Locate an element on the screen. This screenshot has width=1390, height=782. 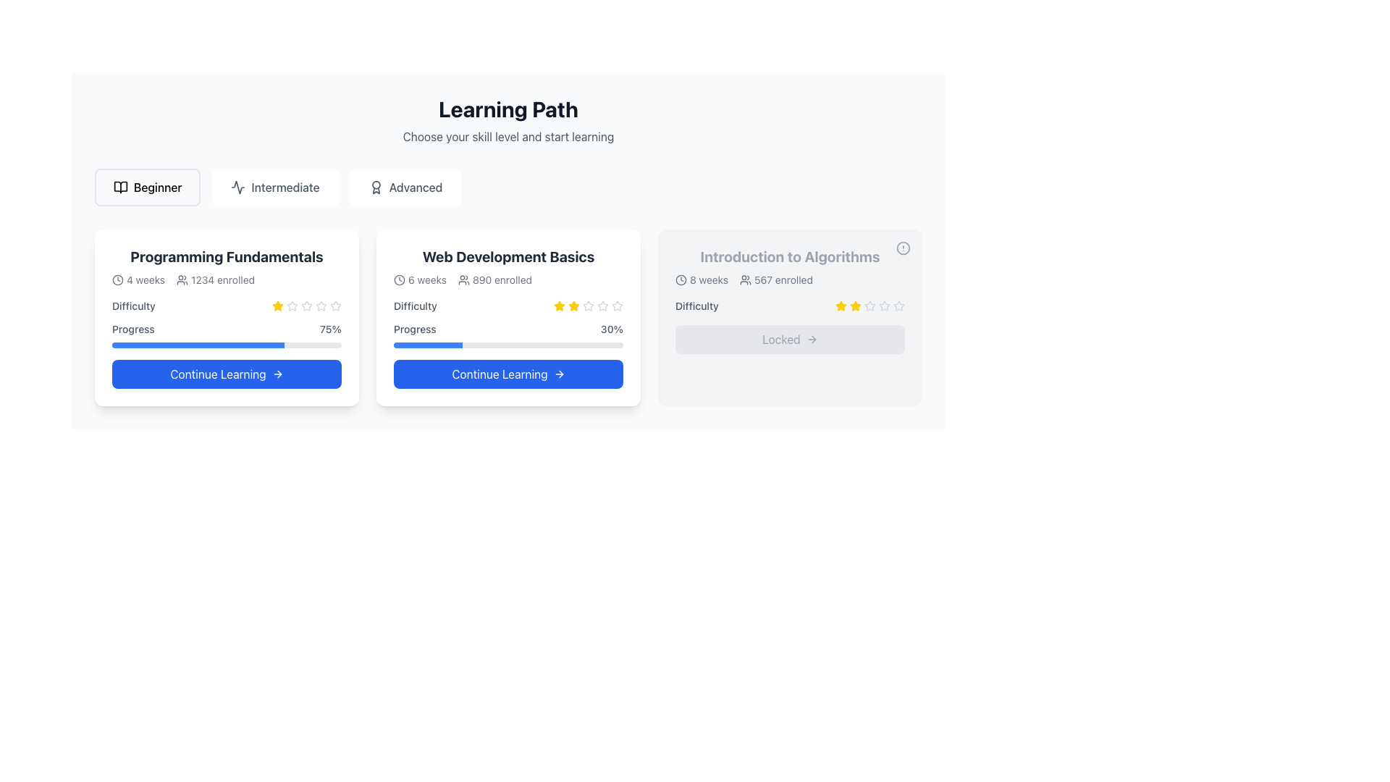
the 'Advanced' button which is the last button in a group of three is located at coordinates (405, 186).